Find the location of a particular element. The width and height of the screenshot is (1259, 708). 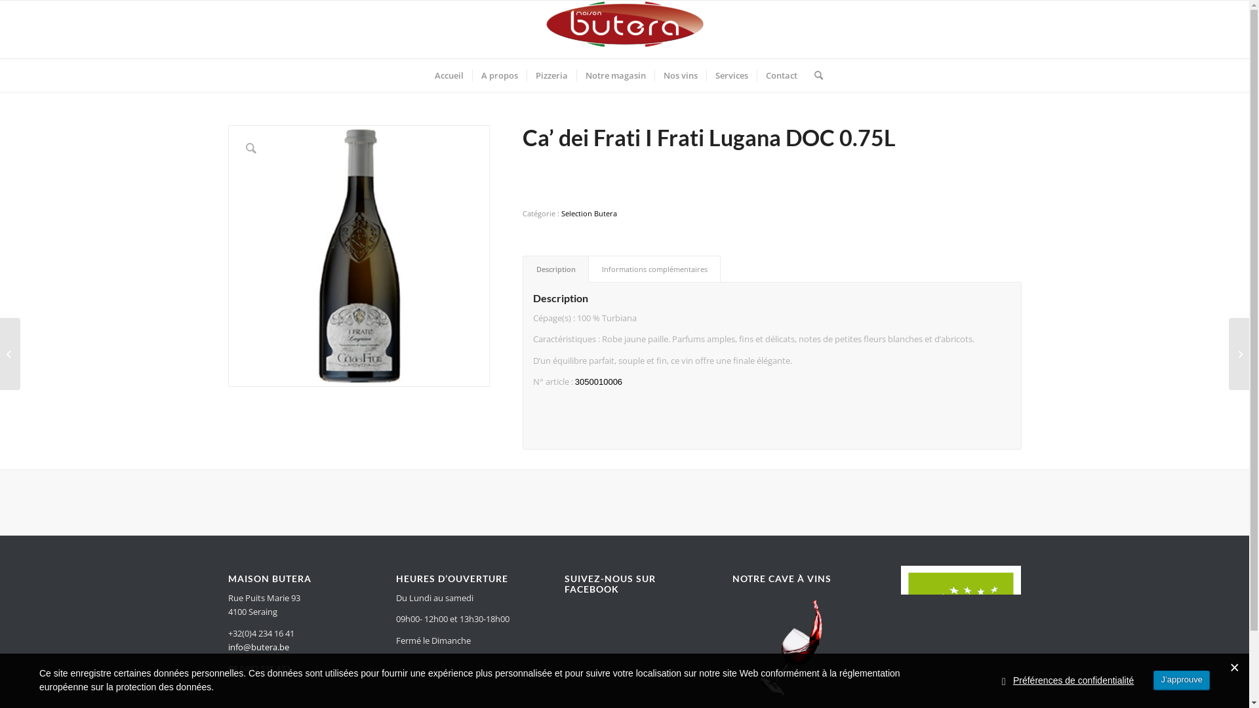

'Selection Butera' is located at coordinates (588, 212).